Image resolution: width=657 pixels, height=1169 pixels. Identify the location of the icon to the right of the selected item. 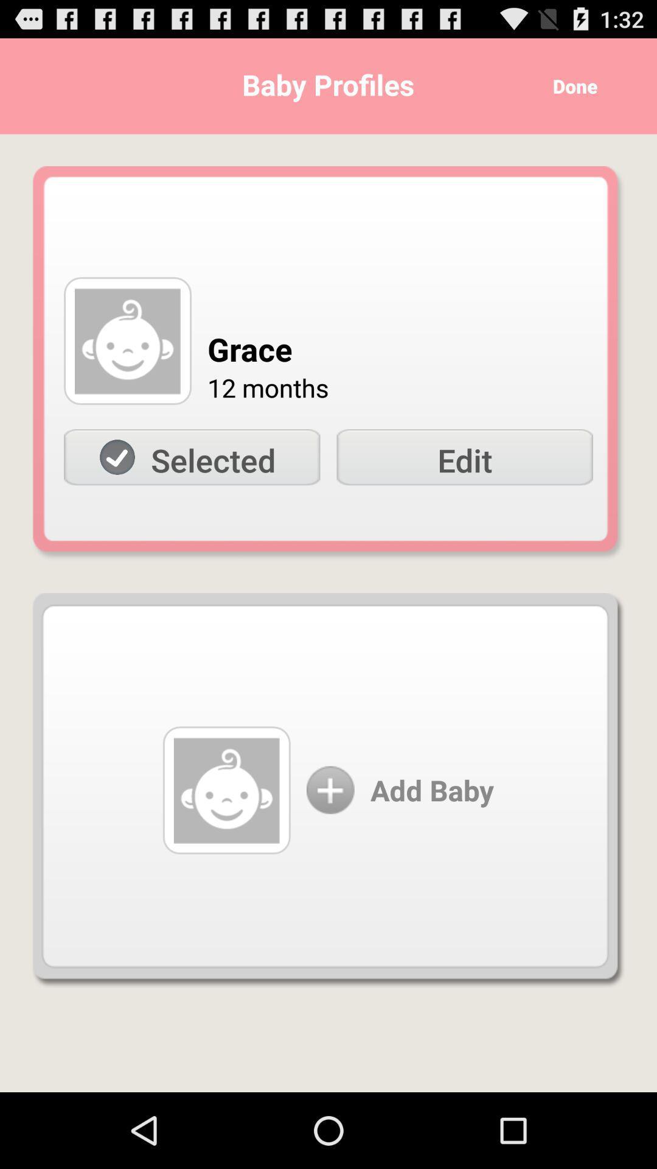
(465, 457).